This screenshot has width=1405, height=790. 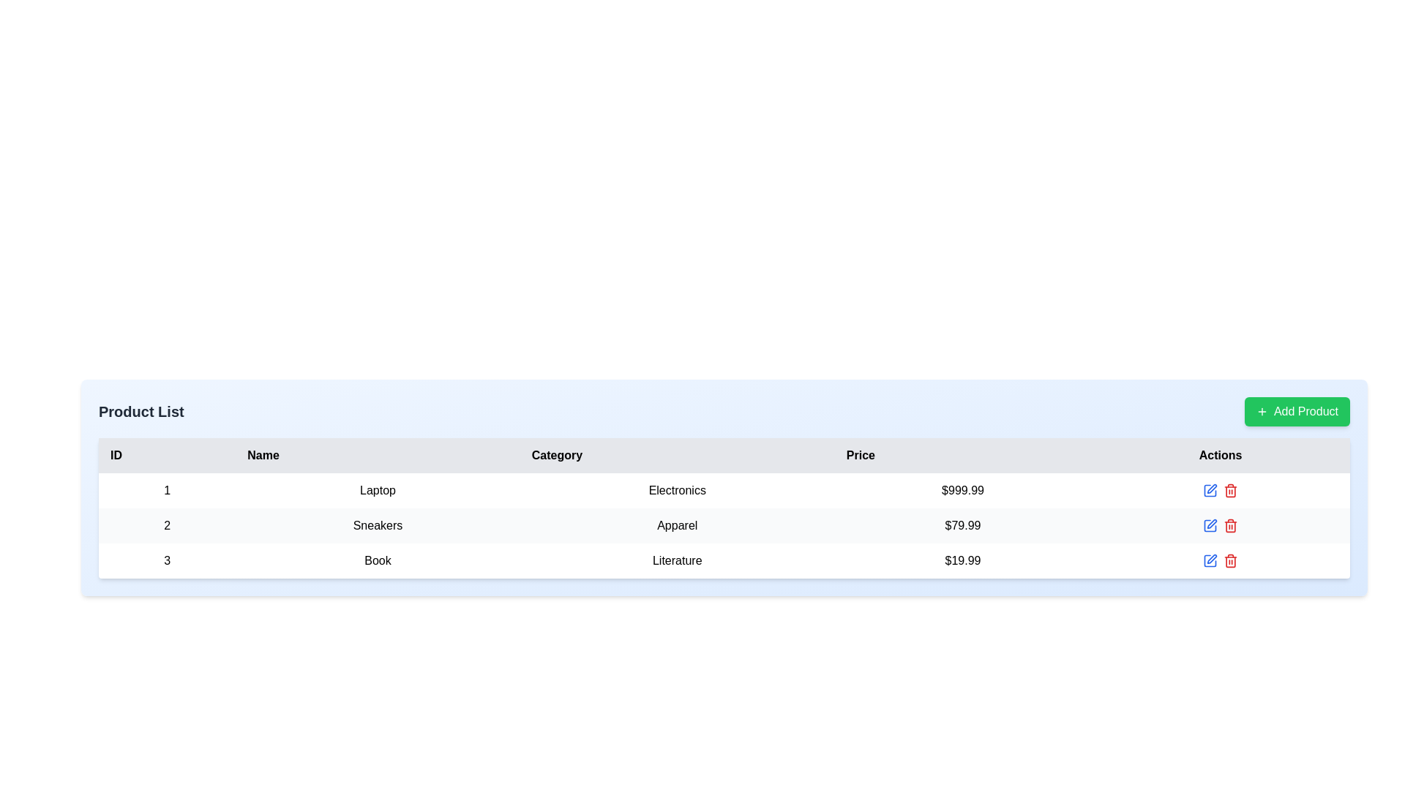 I want to click on the blue square-shaped pencil icon in the 'Actions' column of the last row of the product table, so click(x=1210, y=560).